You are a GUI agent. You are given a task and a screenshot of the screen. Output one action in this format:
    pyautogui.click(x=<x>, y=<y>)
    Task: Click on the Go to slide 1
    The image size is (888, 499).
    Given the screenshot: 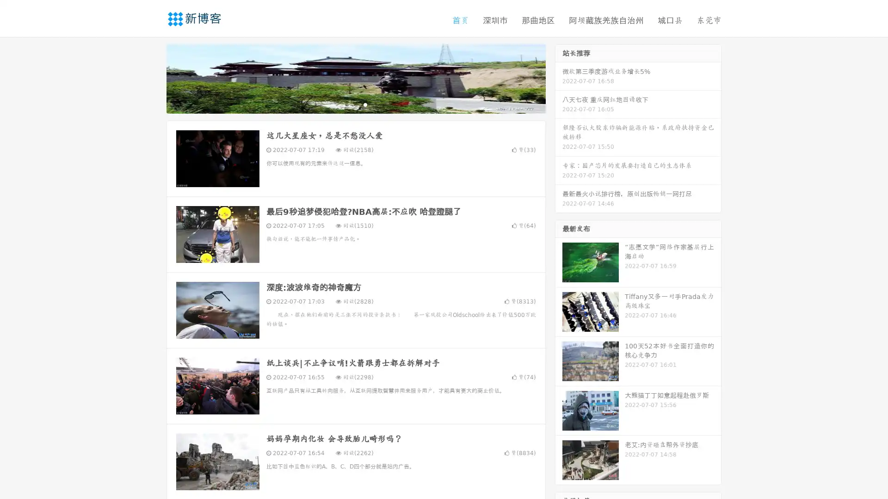 What is the action you would take?
    pyautogui.click(x=346, y=104)
    